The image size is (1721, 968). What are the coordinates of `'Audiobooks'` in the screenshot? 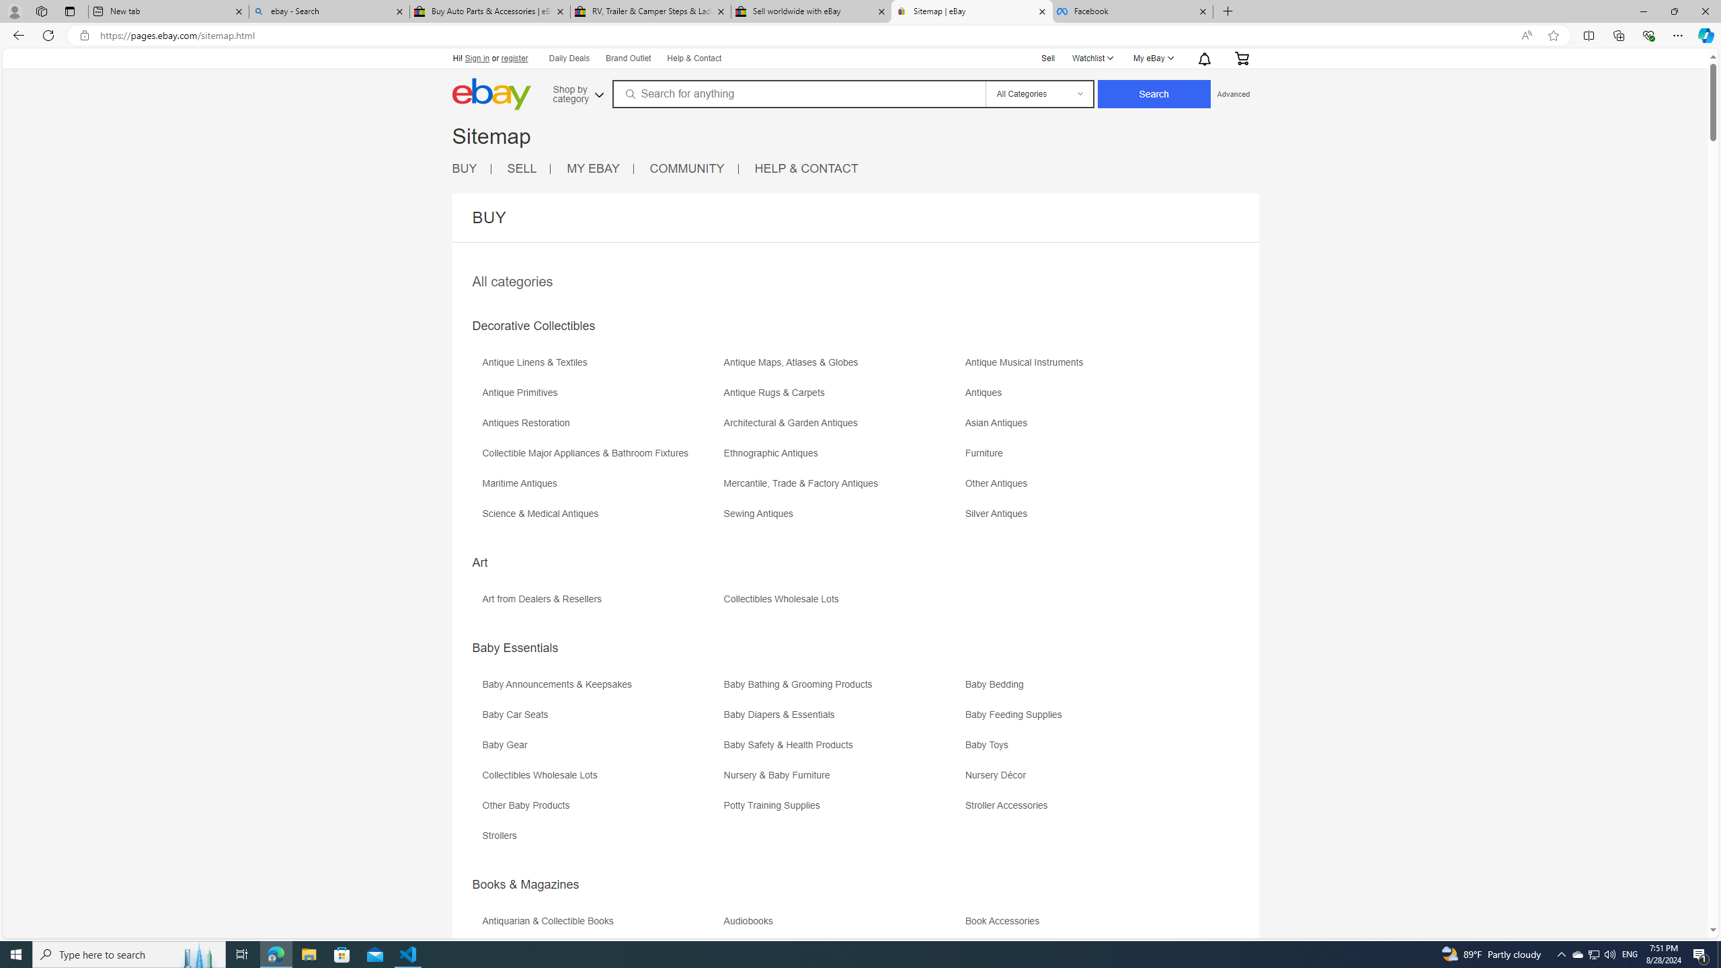 It's located at (842, 925).